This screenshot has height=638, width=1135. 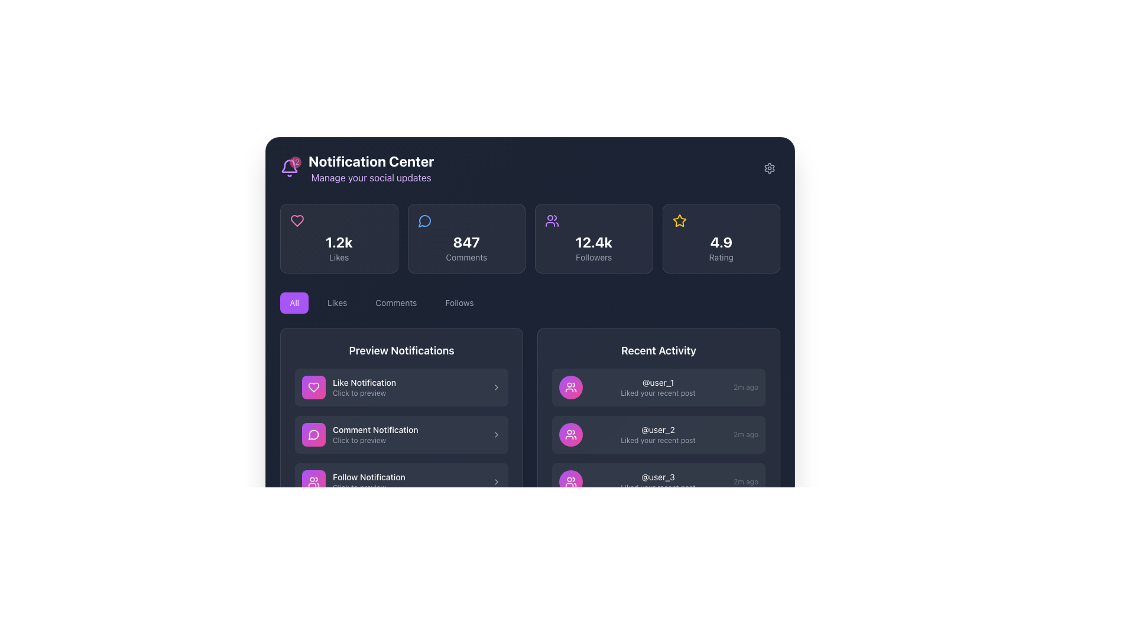 I want to click on the user avatar for '@user_3' located in the 'Recent Activity' section, which visually represents the user who liked a recent post, so click(x=570, y=482).